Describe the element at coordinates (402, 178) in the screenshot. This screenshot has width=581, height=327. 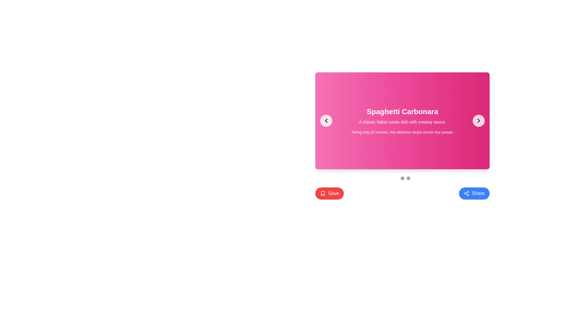
I see `the second circular pagination indicator` at that location.